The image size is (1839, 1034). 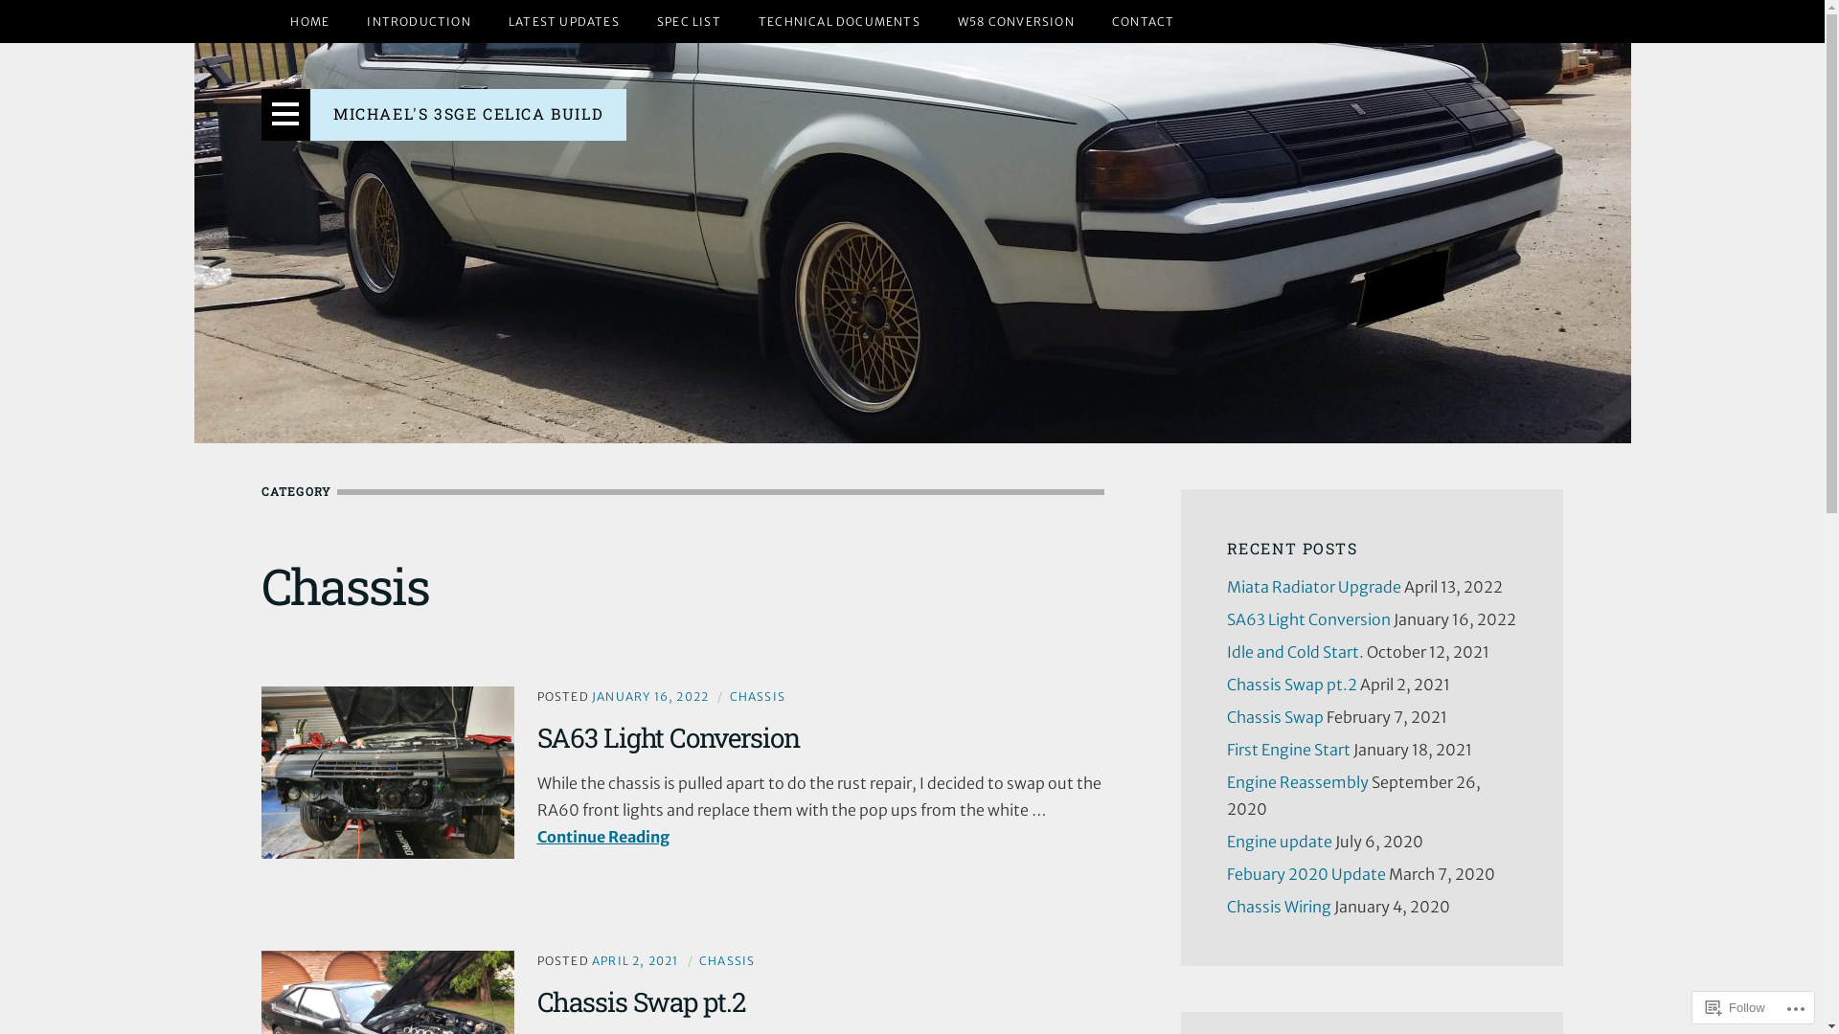 What do you see at coordinates (1094, 21) in the screenshot?
I see `'CONTACT'` at bounding box center [1094, 21].